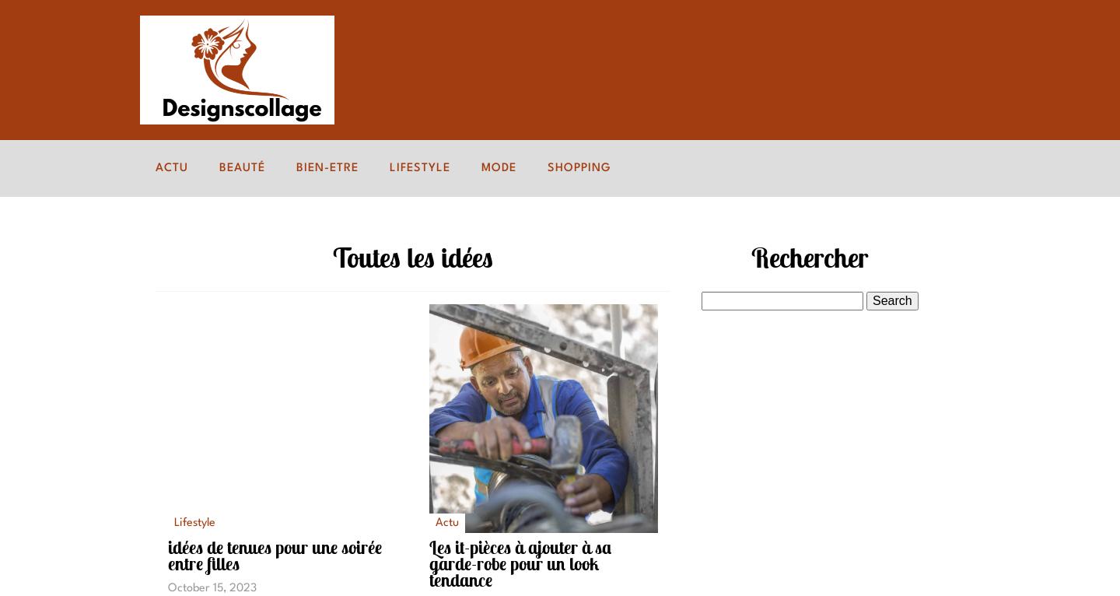 The image size is (1120, 596). Describe the element at coordinates (412, 256) in the screenshot. I see `'Toutes les idées'` at that location.